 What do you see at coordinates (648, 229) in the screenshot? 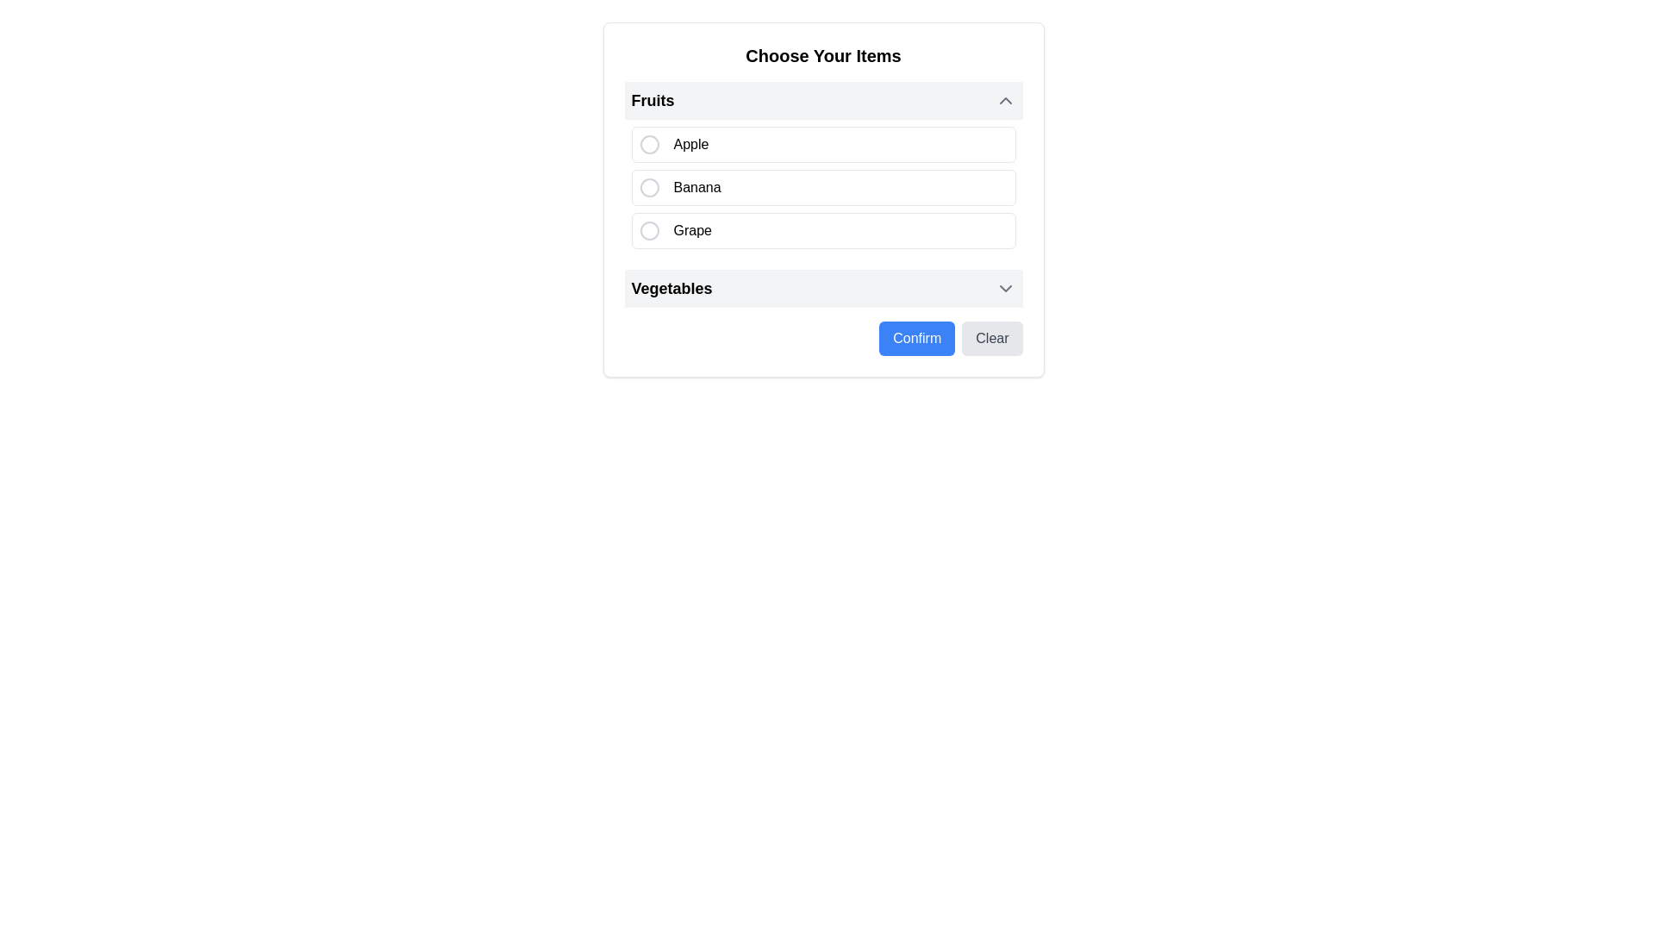
I see `the radio button located to the left of the text 'Grape' in the 'Choose Your Items' interface under the 'Fruits' category` at bounding box center [648, 229].